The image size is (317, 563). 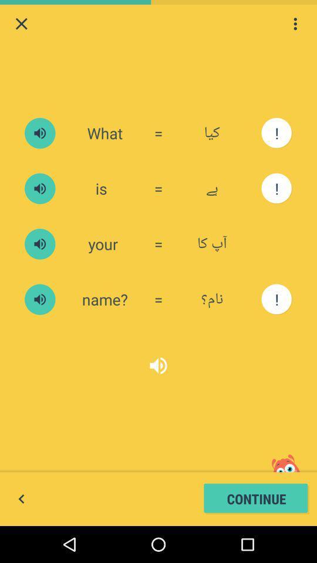 What do you see at coordinates (39, 299) in the screenshot?
I see `a free english learning course used by over 50 million learners for spoken english` at bounding box center [39, 299].